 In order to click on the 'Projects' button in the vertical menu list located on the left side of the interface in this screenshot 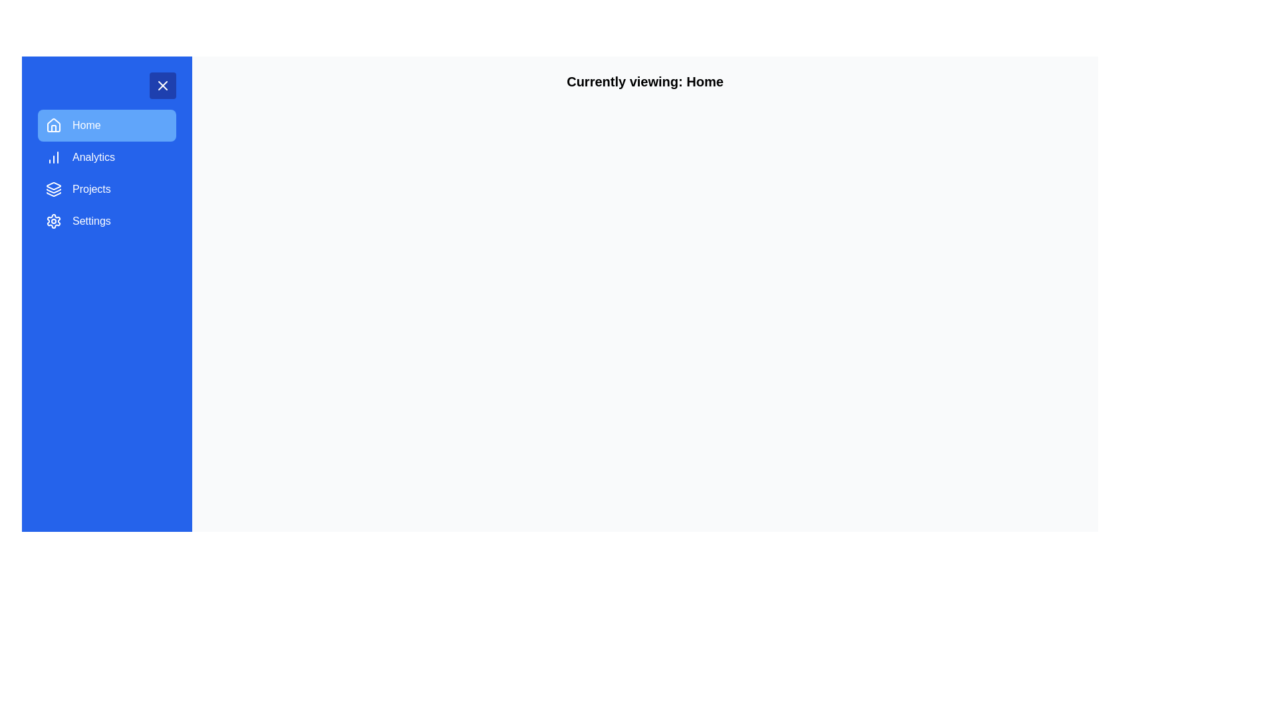, I will do `click(90, 189)`.